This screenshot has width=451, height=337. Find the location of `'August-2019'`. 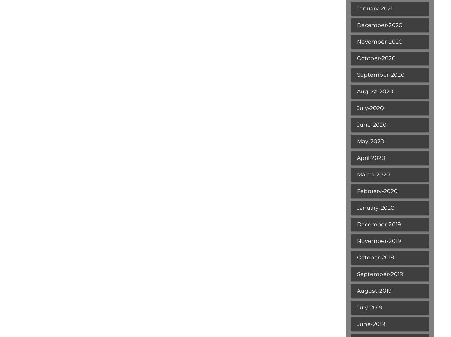

'August-2019' is located at coordinates (373, 291).